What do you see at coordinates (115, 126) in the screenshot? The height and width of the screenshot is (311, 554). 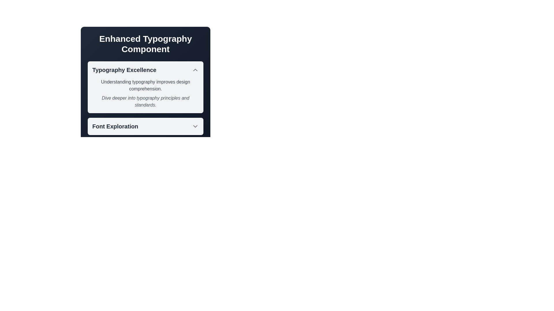 I see `the 'Font Exploration' text label, which is styled in bold, dark gray sans-serif font, positioned in the lower section of a card-like component` at bounding box center [115, 126].